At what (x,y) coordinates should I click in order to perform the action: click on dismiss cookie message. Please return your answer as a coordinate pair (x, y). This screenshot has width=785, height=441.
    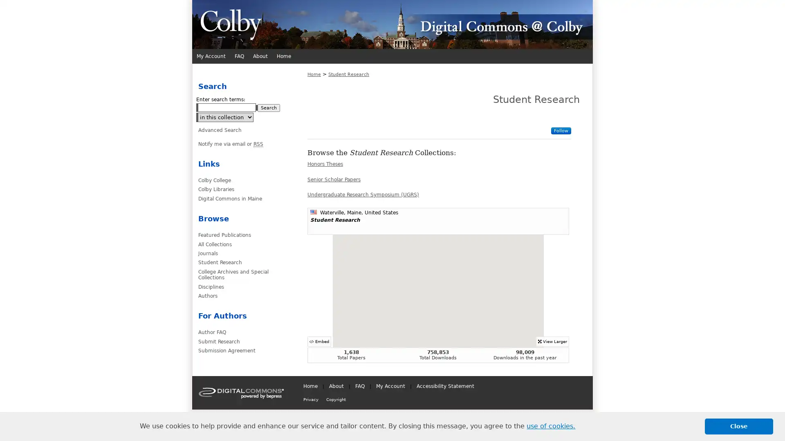
    Looking at the image, I should click on (739, 426).